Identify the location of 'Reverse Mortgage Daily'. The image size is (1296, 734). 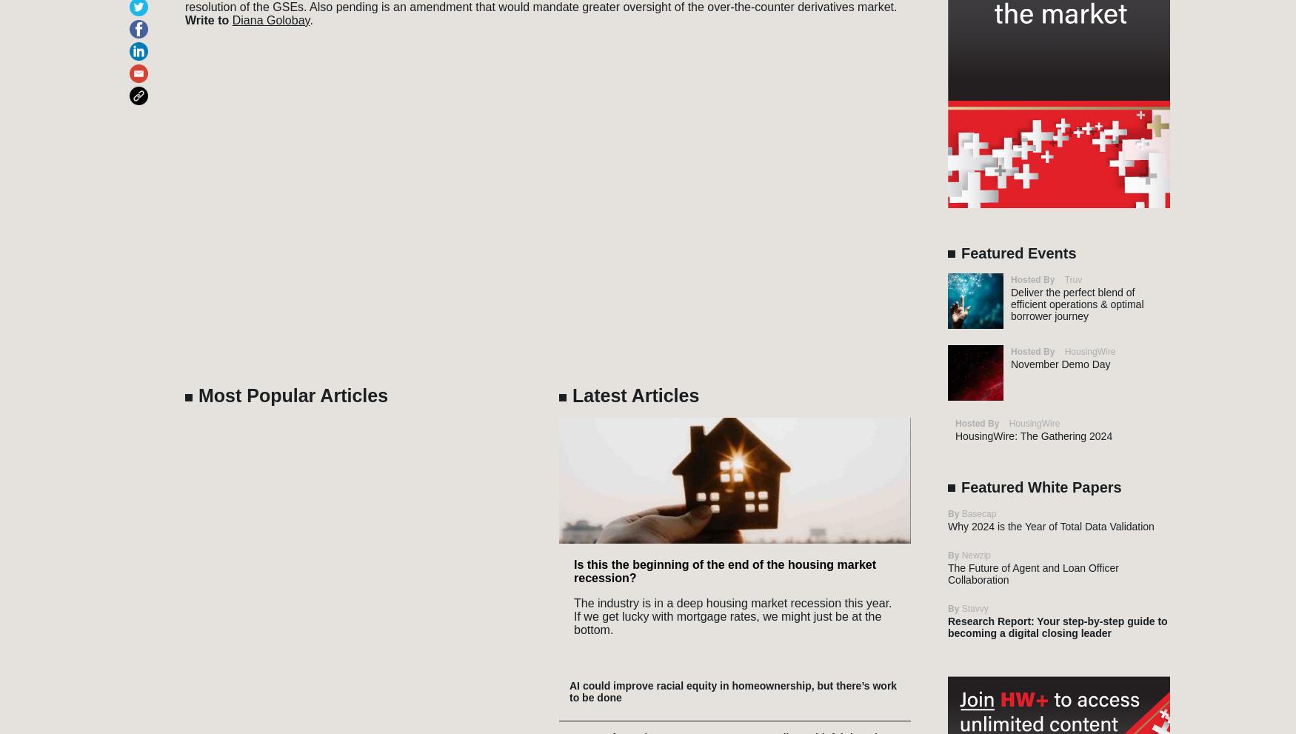
(124, 673).